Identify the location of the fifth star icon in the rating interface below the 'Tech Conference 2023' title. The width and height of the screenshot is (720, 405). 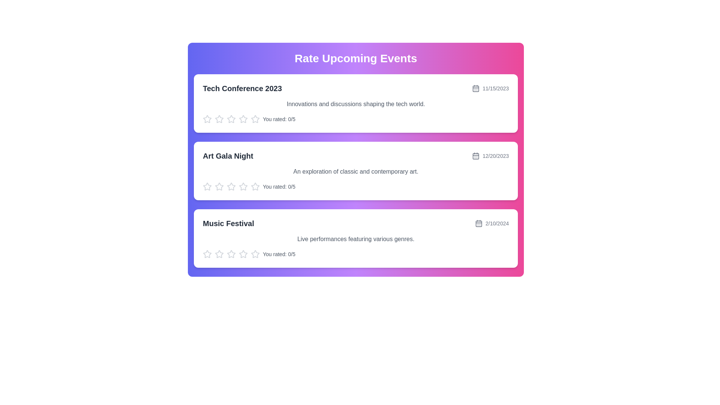
(243, 118).